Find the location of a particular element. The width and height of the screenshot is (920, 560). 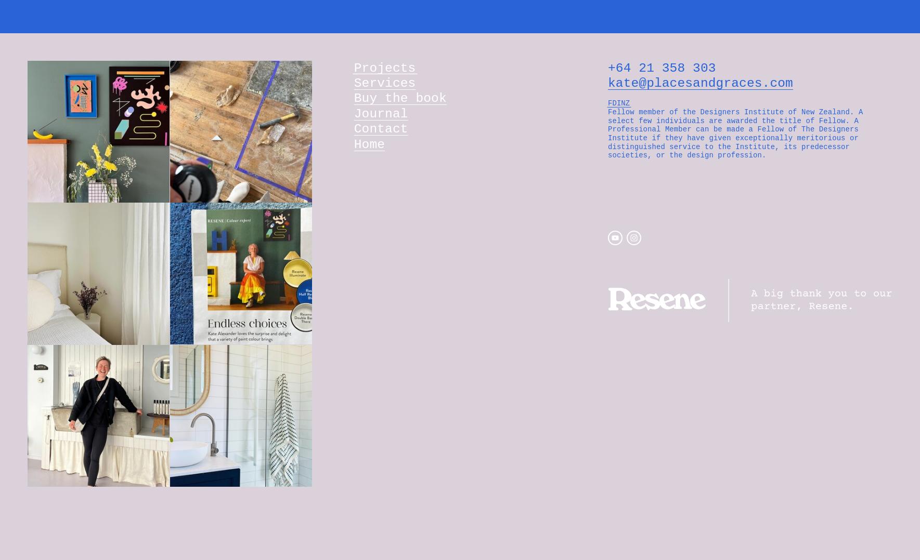

'Fellow member of the Designers Institute of New Zealand. A select few individuals are awarded the title of Fellow. A Professional Member can be made a Fellow of The Designers Institute if they have given exceptionally meritorious or distinguished service to the Institute, its predecessor societies, or the design profession.' is located at coordinates (736, 133).